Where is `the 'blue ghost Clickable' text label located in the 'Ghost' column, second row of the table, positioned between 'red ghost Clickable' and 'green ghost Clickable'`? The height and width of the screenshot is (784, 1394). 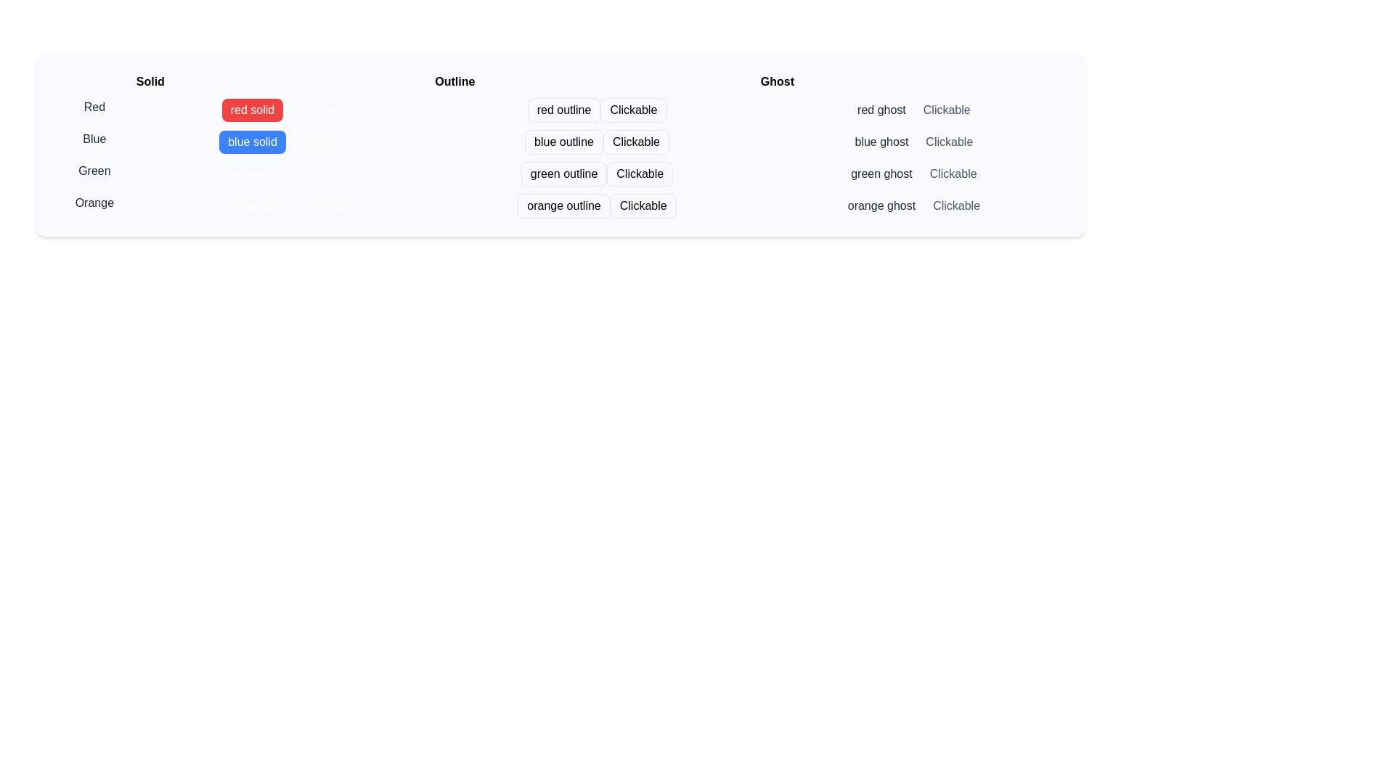
the 'blue ghost Clickable' text label located in the 'Ghost' column, second row of the table, positioned between 'red ghost Clickable' and 'green ghost Clickable' is located at coordinates (913, 139).